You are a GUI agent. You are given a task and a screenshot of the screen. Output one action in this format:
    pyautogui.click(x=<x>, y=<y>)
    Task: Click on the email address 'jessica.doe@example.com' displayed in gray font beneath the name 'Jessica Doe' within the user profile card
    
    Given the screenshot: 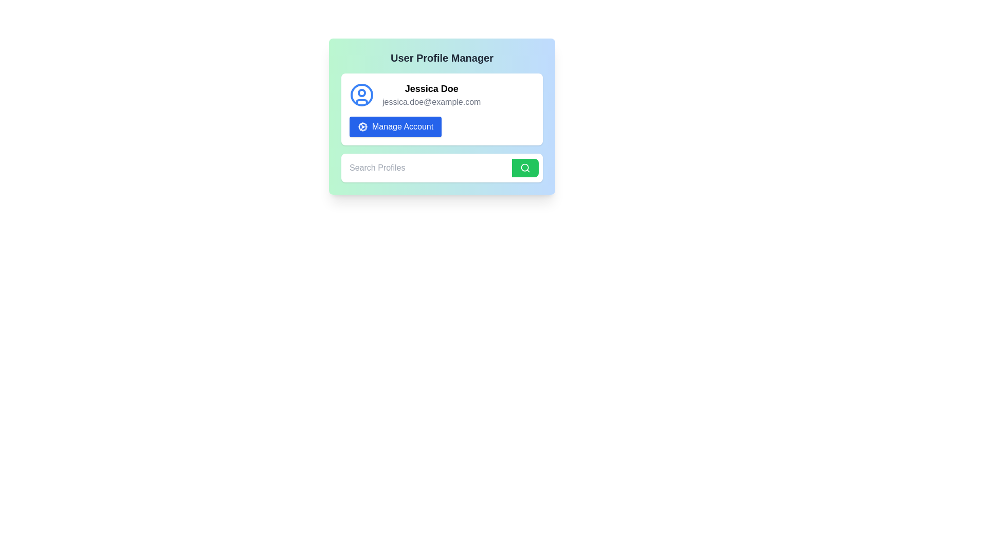 What is the action you would take?
    pyautogui.click(x=431, y=102)
    